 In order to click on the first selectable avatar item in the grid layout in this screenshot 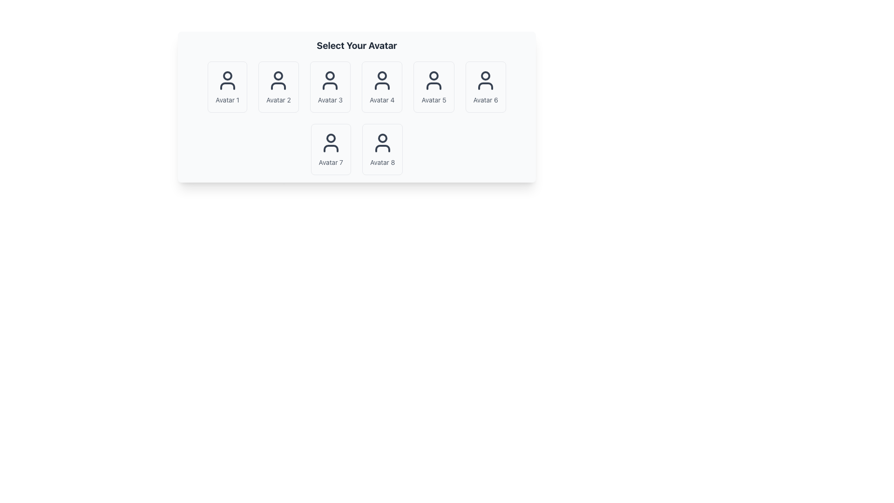, I will do `click(227, 87)`.